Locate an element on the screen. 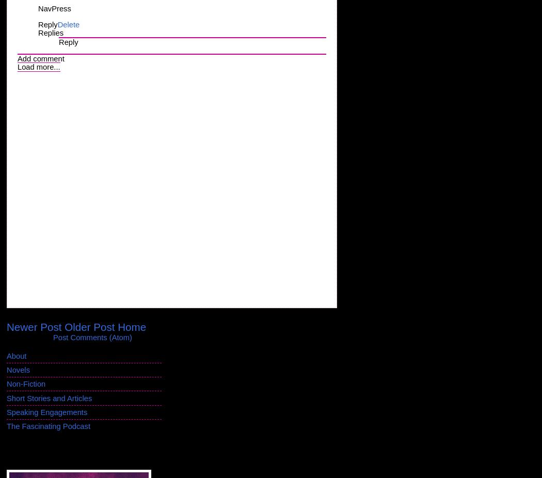 The image size is (542, 478). 'The Crescent Stone (Sunlit Lands Book 1)' is located at coordinates (68, 452).